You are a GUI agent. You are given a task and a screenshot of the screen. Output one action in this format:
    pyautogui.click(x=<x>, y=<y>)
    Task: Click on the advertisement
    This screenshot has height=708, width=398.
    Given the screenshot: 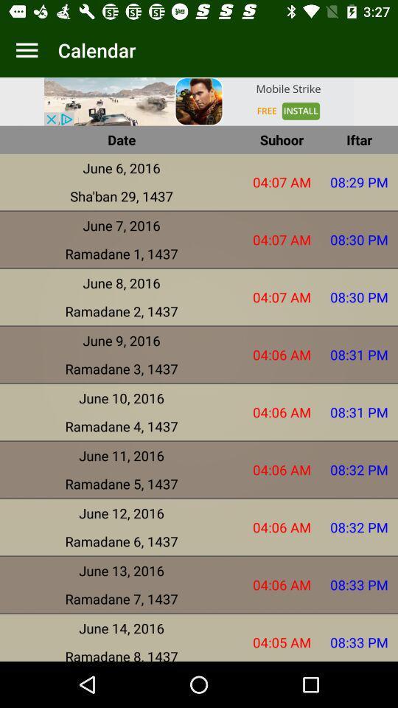 What is the action you would take?
    pyautogui.click(x=199, y=100)
    